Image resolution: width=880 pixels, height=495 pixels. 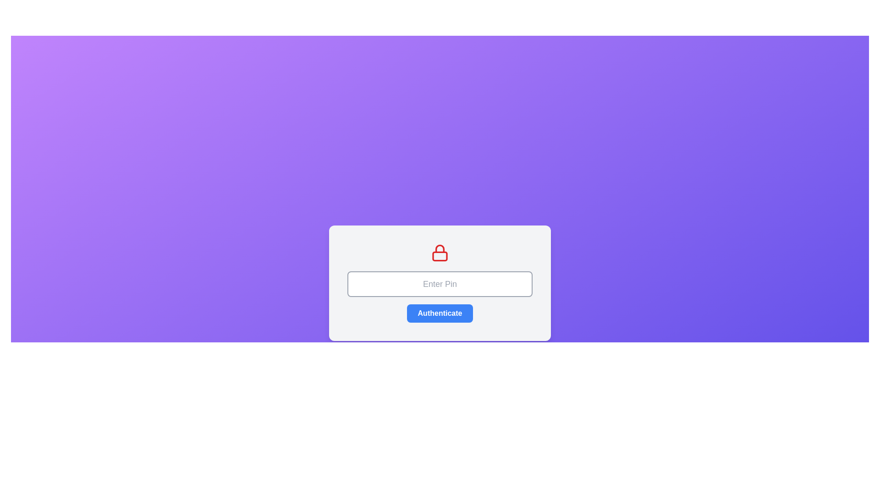 I want to click on the Password input field located centrally beneath the red lock icon and above the blue 'Authenticate' button for user authentication, so click(x=440, y=284).